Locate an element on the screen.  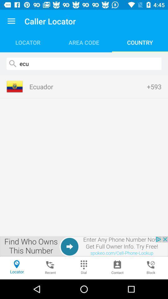
google advertisements is located at coordinates (84, 246).